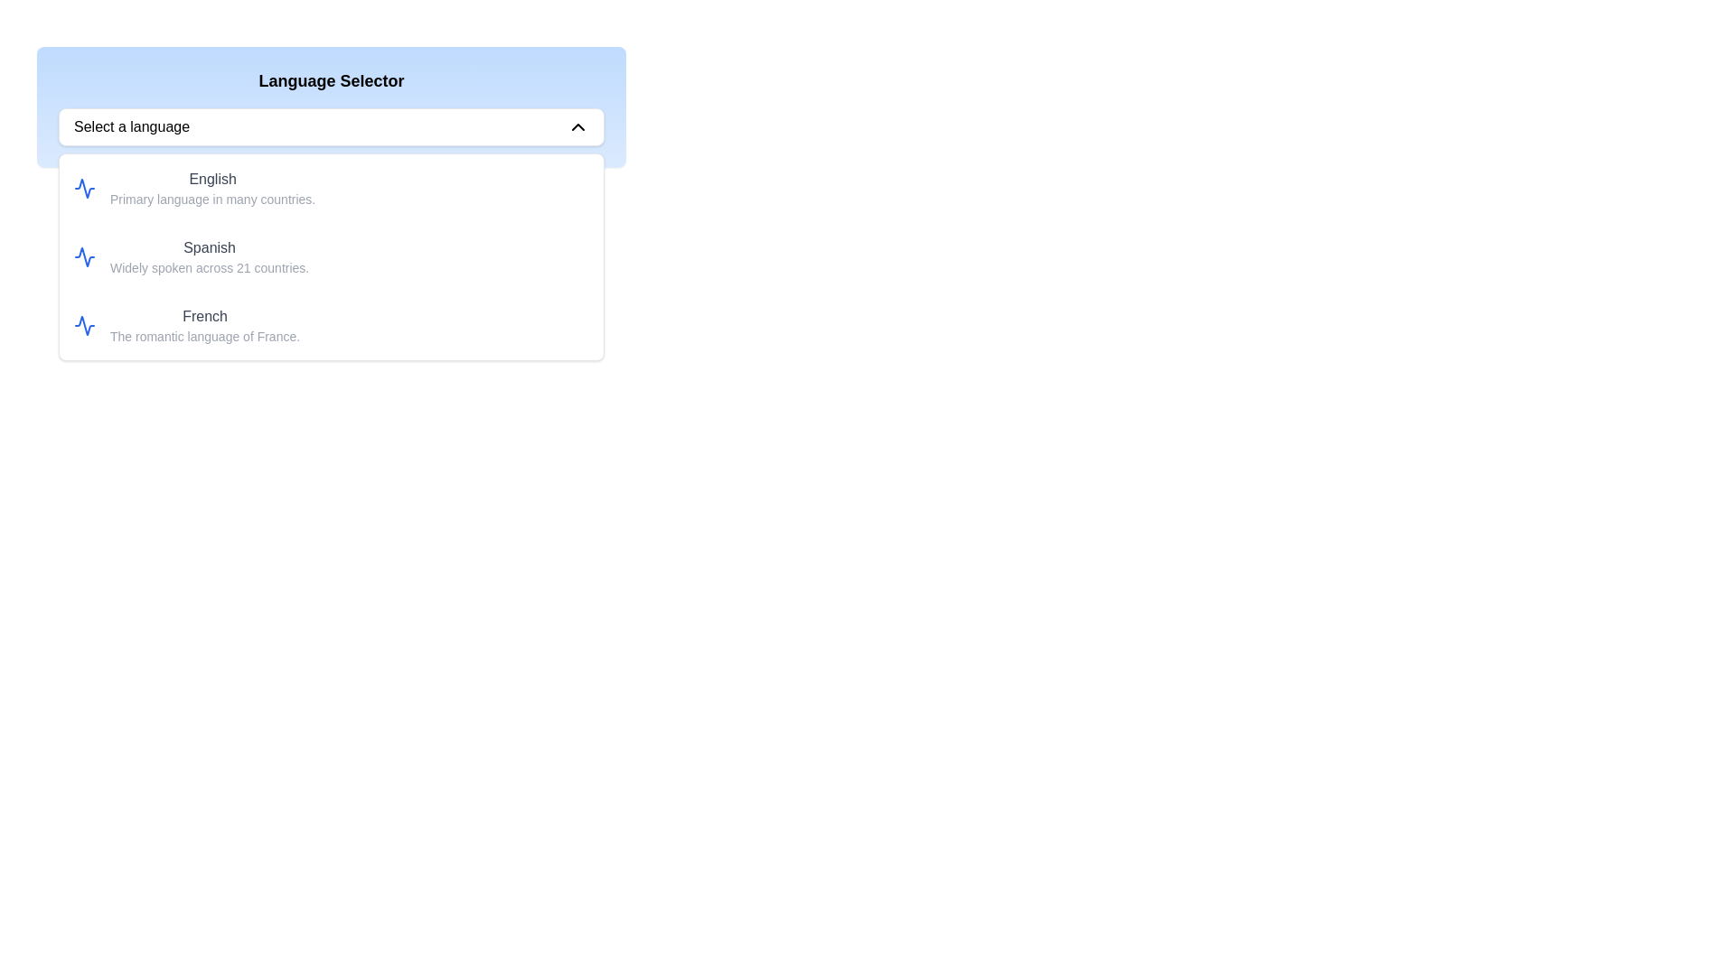 This screenshot has width=1735, height=975. Describe the element at coordinates (84, 326) in the screenshot. I see `the blue waveform icon adjacent to the text content describing the French language` at that location.